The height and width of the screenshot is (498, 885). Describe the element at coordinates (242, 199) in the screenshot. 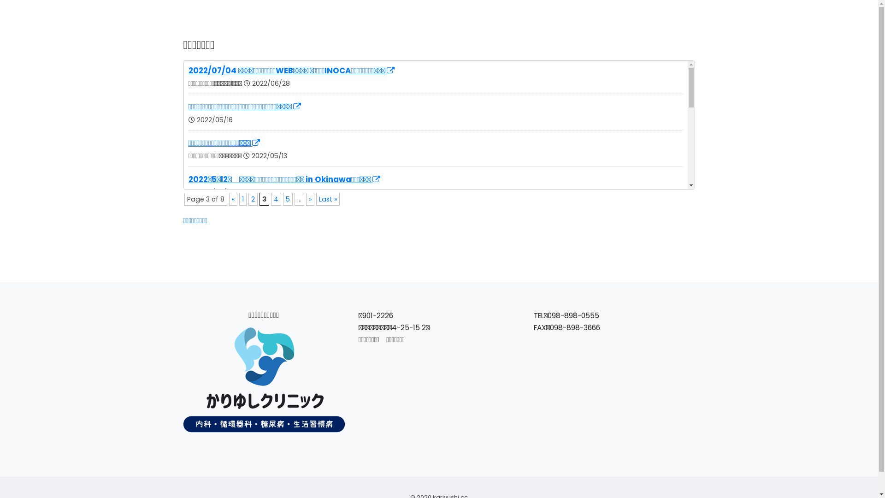

I see `'1'` at that location.